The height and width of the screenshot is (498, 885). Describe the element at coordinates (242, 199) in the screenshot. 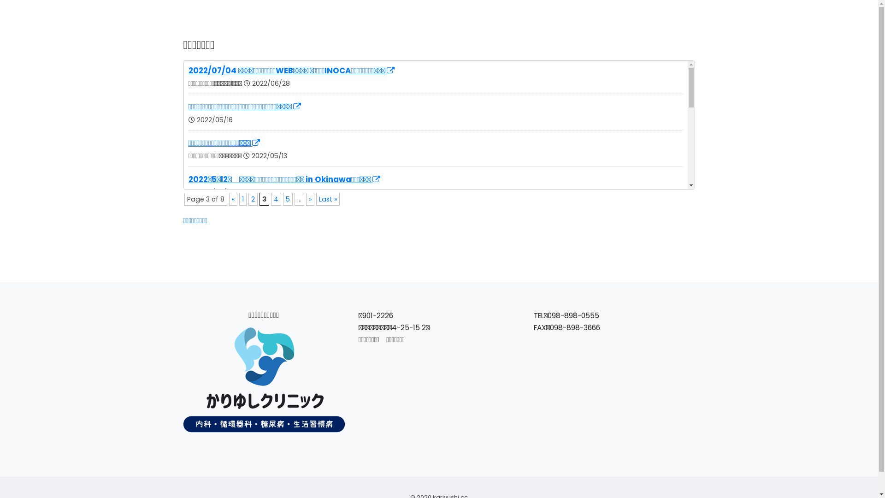

I see `'1'` at that location.